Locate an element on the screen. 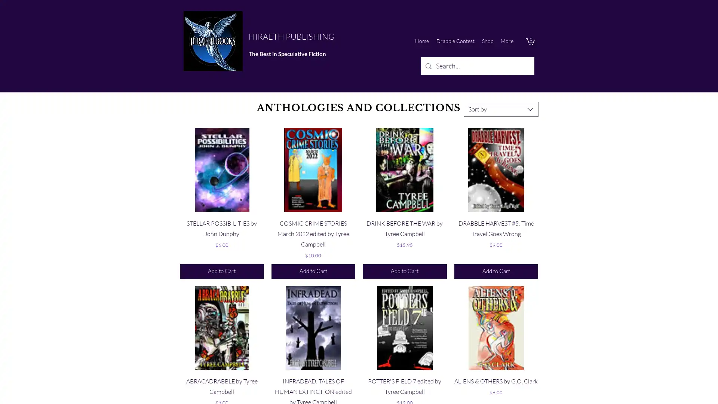 Image resolution: width=718 pixels, height=404 pixels. Quick View is located at coordinates (313, 220).